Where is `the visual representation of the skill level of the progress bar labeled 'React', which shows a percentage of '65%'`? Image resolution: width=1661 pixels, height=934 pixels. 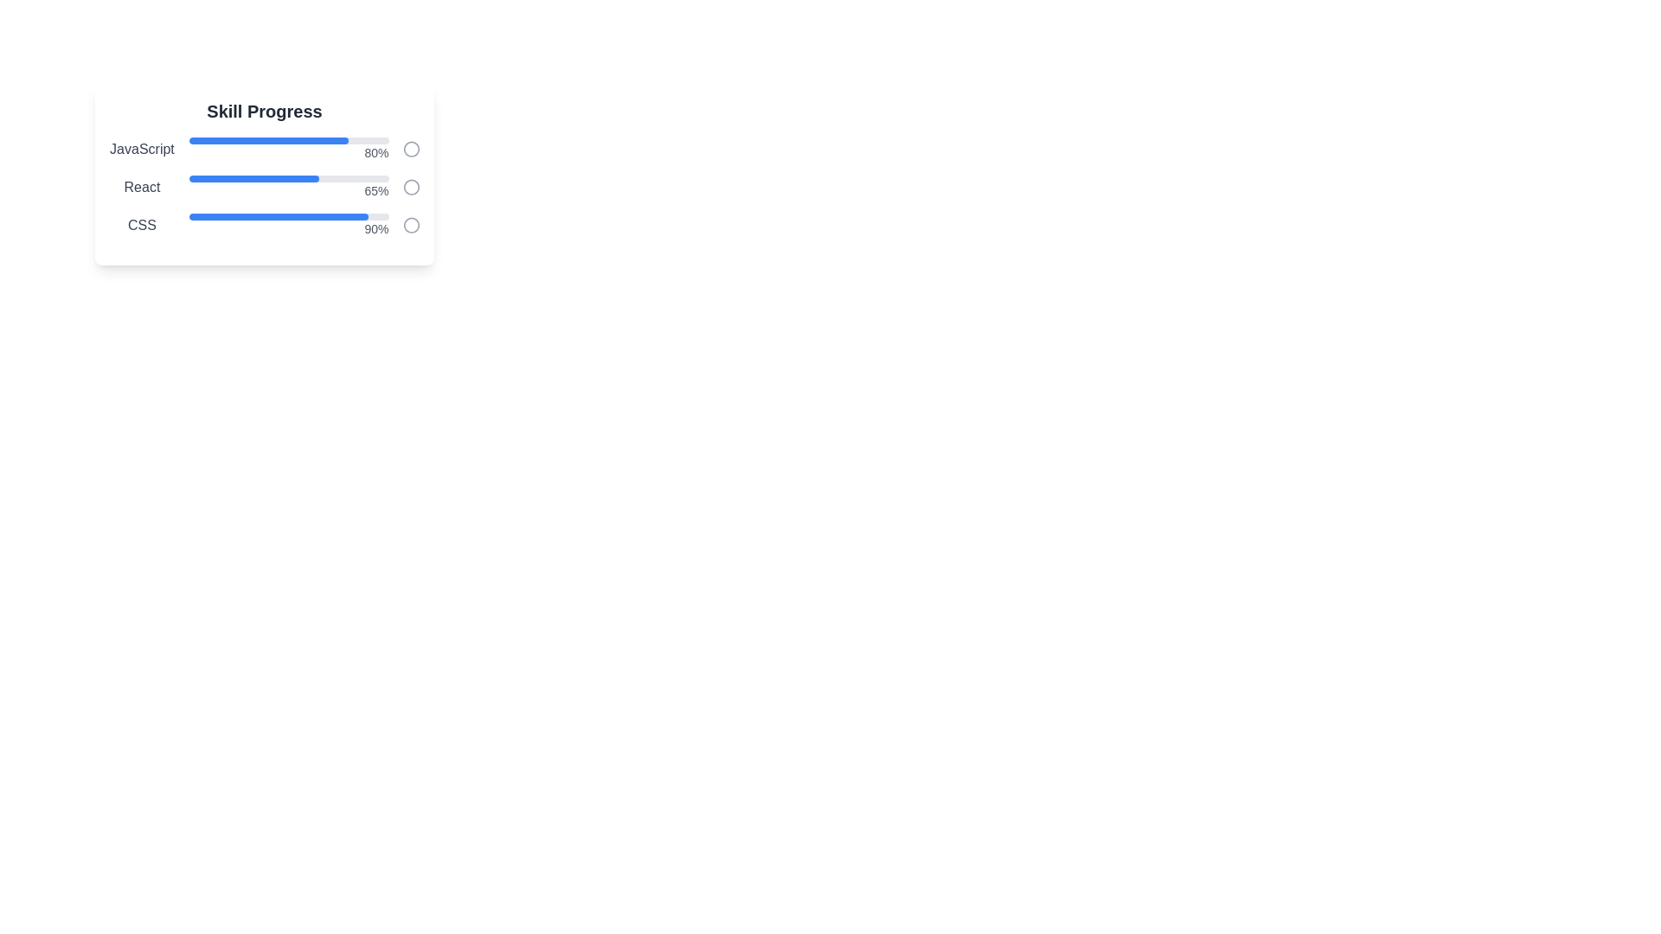
the visual representation of the skill level of the progress bar labeled 'React', which shows a percentage of '65%' is located at coordinates (264, 187).